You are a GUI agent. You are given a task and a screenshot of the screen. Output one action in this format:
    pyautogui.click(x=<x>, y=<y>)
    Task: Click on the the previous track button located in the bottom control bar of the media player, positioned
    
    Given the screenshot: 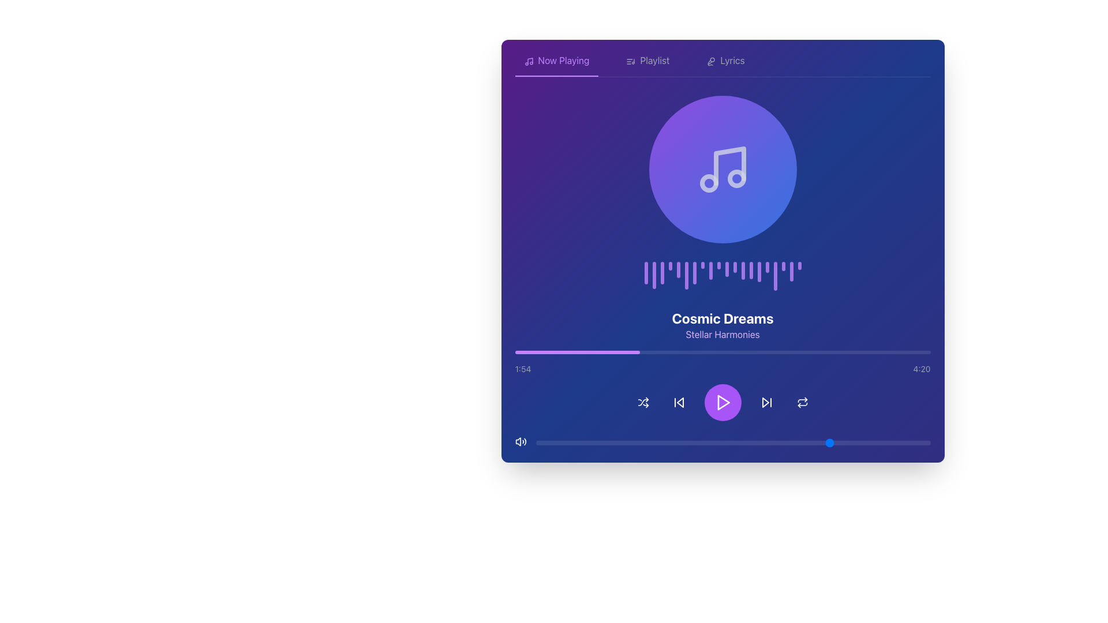 What is the action you would take?
    pyautogui.click(x=679, y=402)
    